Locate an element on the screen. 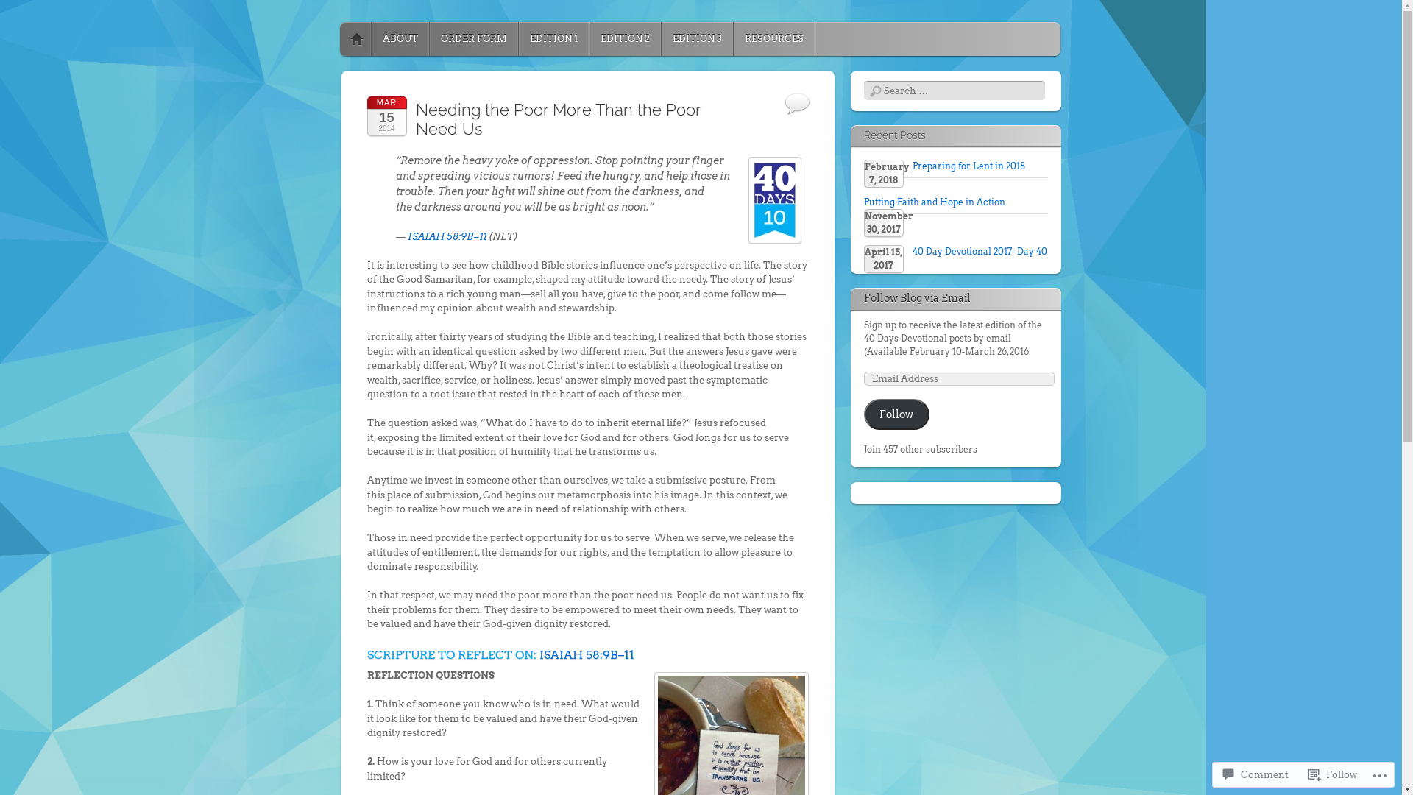  'EDITION 3' is located at coordinates (695, 38).